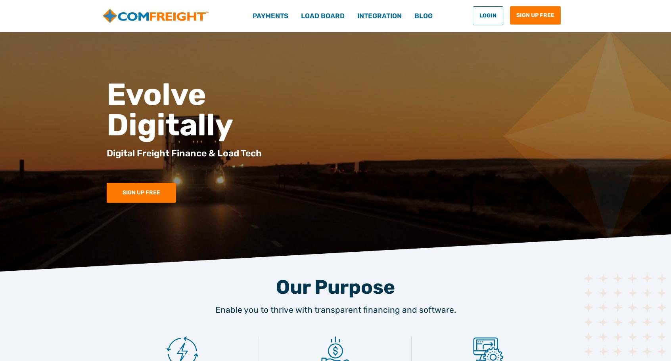 Image resolution: width=671 pixels, height=361 pixels. Describe the element at coordinates (270, 15) in the screenshot. I see `'Payments'` at that location.